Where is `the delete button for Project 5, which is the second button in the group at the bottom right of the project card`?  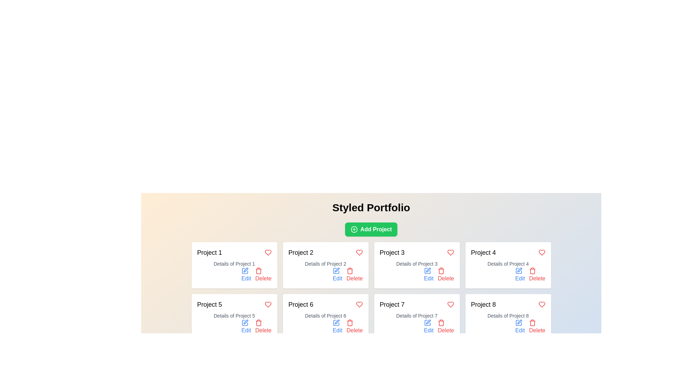
the delete button for Project 5, which is the second button in the group at the bottom right of the project card is located at coordinates (263, 327).